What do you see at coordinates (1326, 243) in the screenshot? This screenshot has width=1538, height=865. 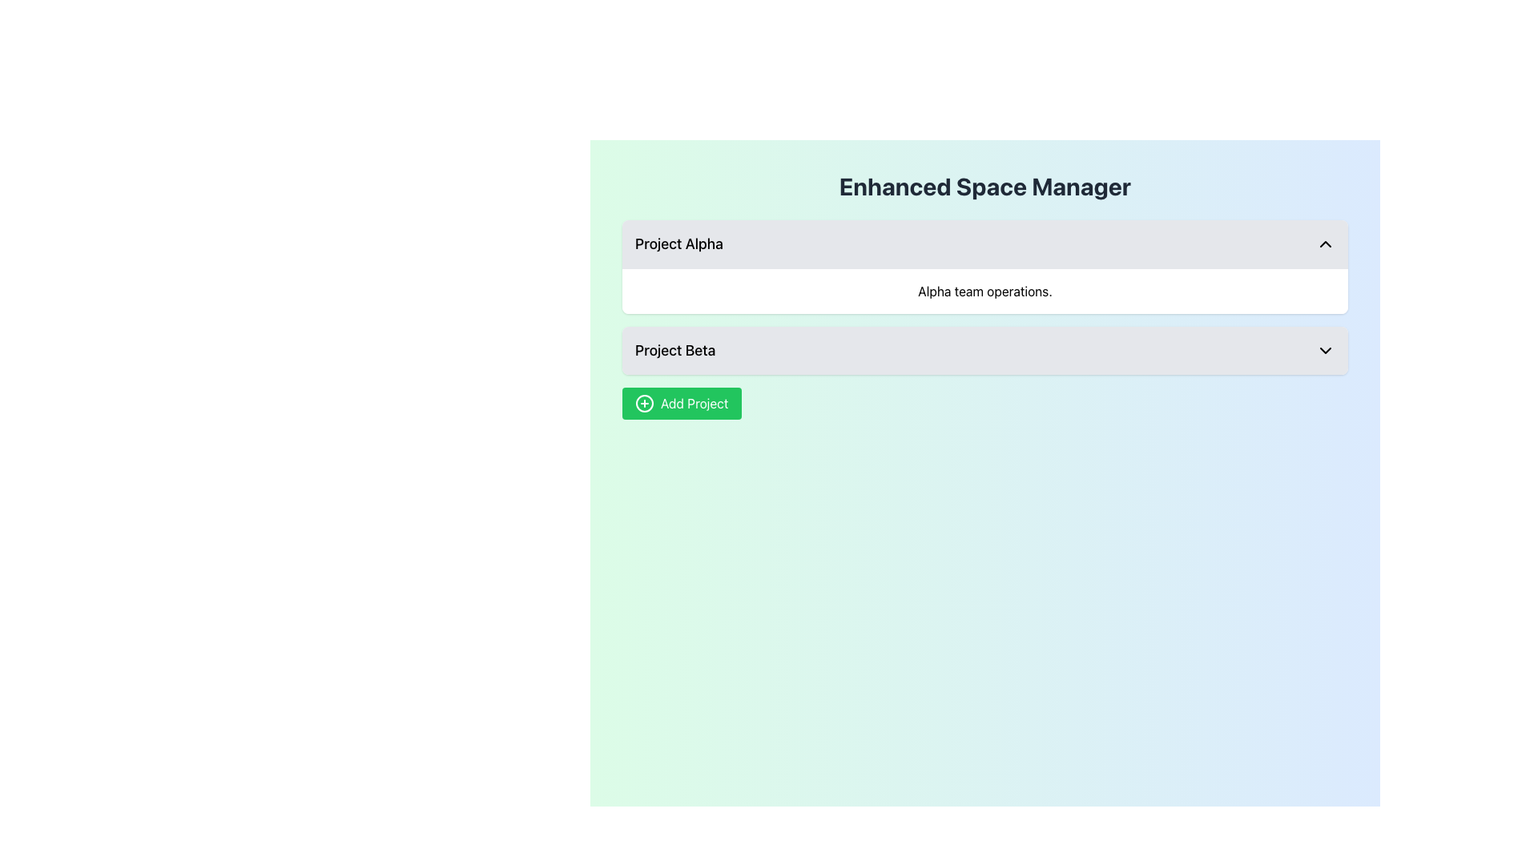 I see `the toggle icon for the 'Project Alpha' section` at bounding box center [1326, 243].